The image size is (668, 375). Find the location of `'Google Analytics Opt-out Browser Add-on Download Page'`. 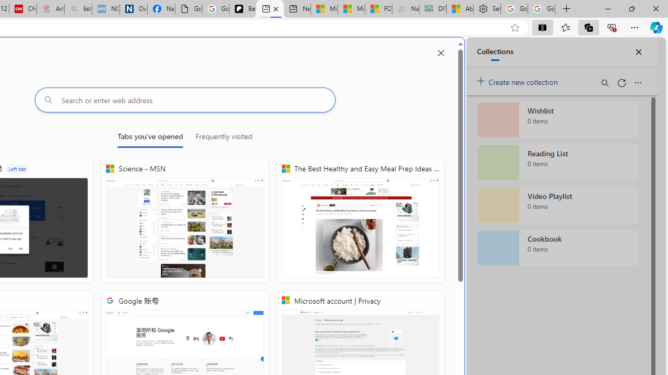

'Google Analytics Opt-out Browser Add-on Download Page' is located at coordinates (188, 9).